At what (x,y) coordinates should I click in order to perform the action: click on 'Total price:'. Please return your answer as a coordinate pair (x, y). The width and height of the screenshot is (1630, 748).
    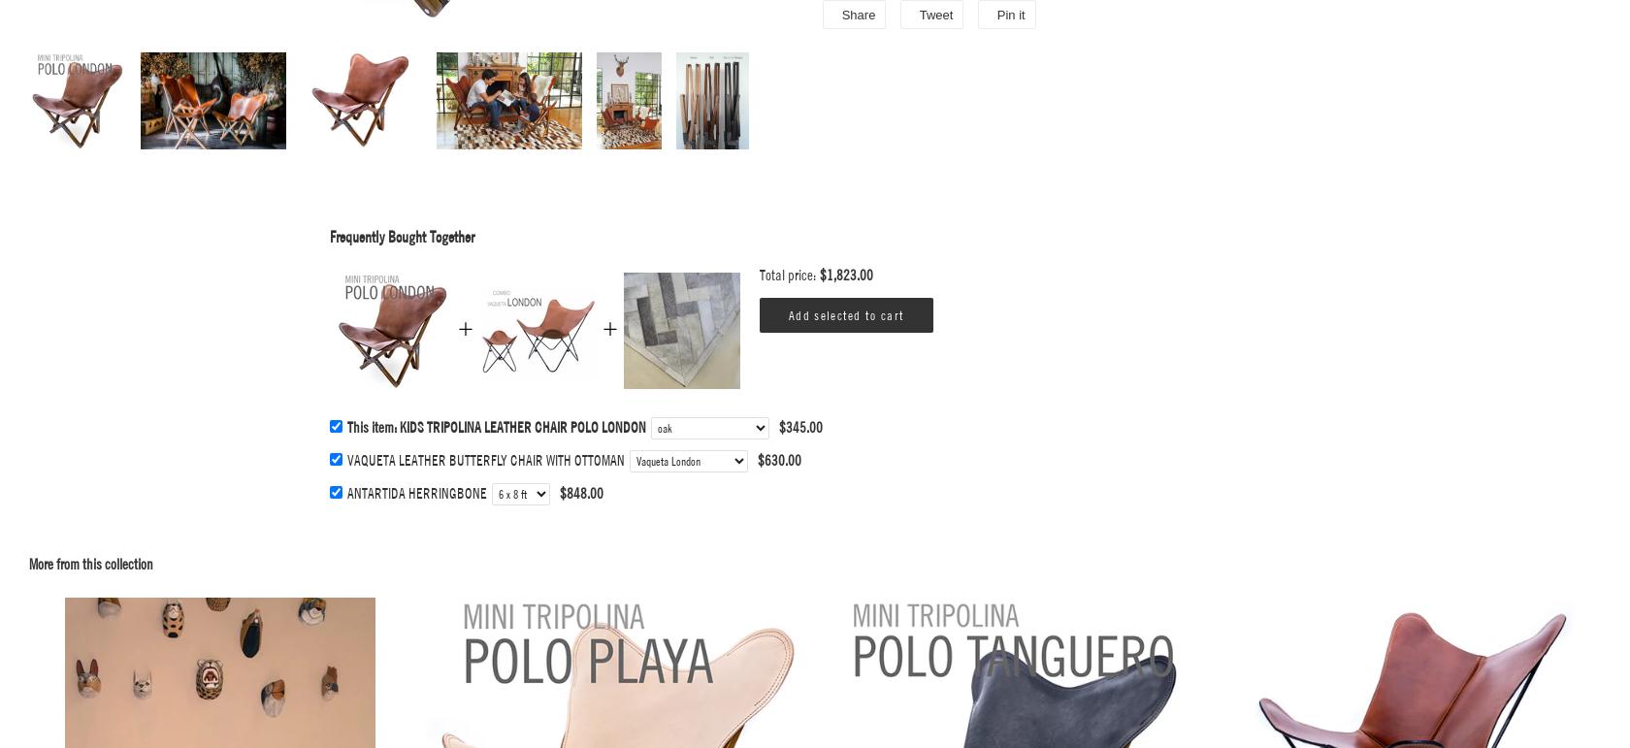
    Looking at the image, I should click on (787, 274).